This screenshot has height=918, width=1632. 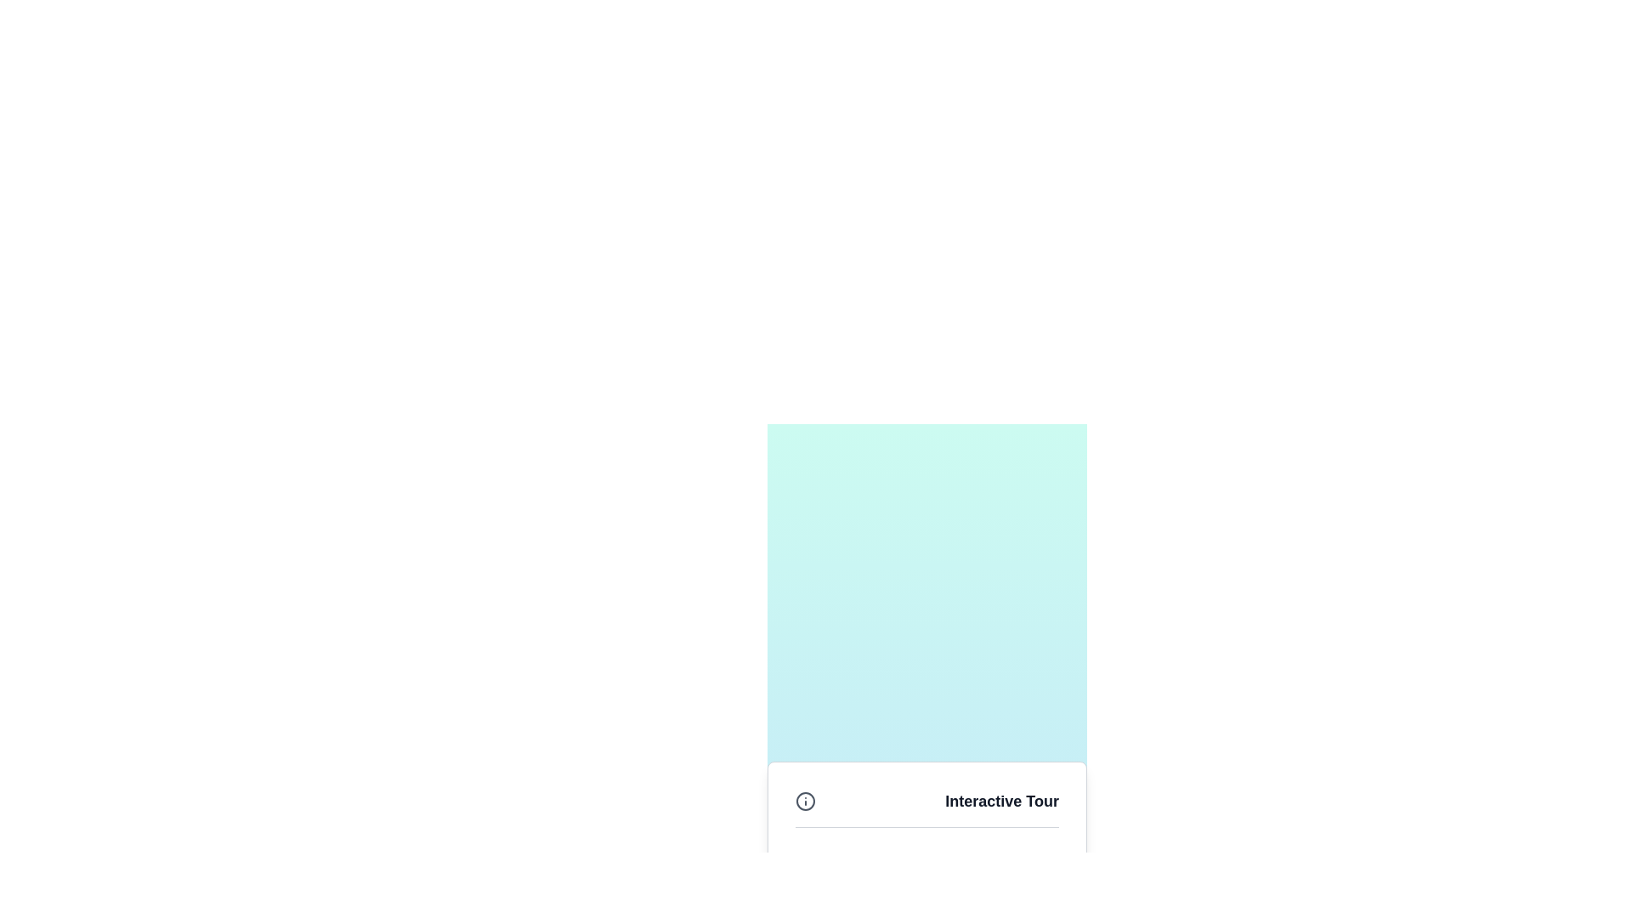 What do you see at coordinates (805, 801) in the screenshot?
I see `the information icon located to the left of the 'Interactive Tour' label` at bounding box center [805, 801].